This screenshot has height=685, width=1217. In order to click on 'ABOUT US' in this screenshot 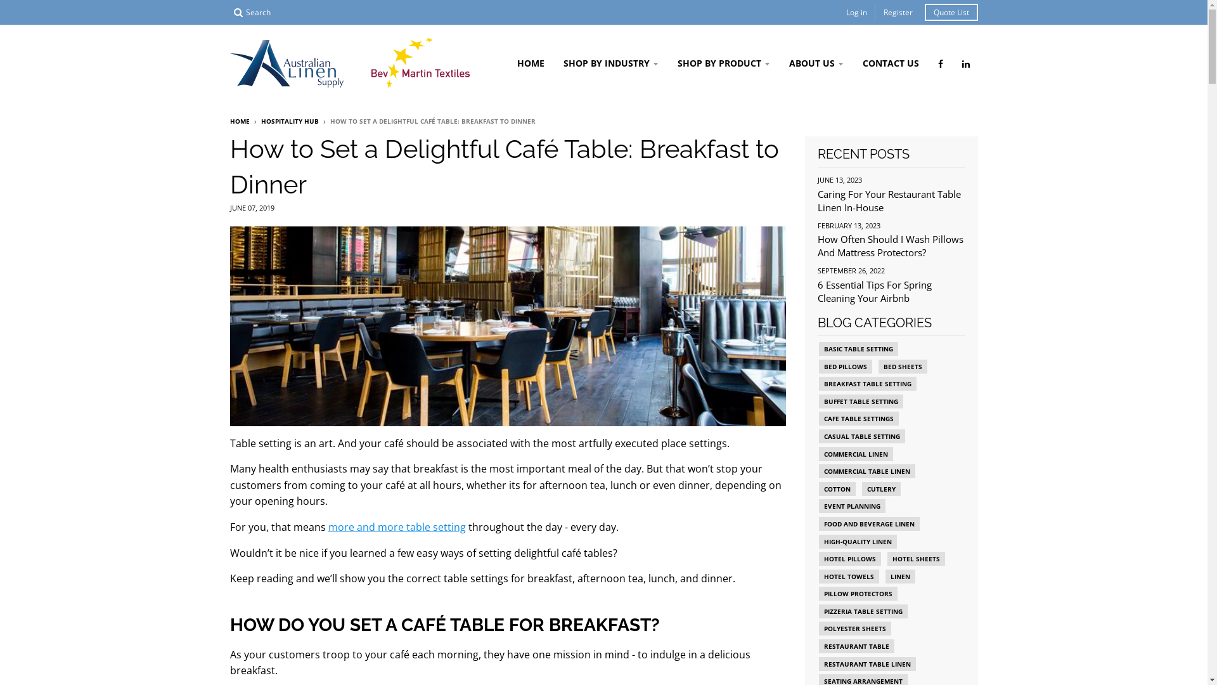, I will do `click(816, 63)`.